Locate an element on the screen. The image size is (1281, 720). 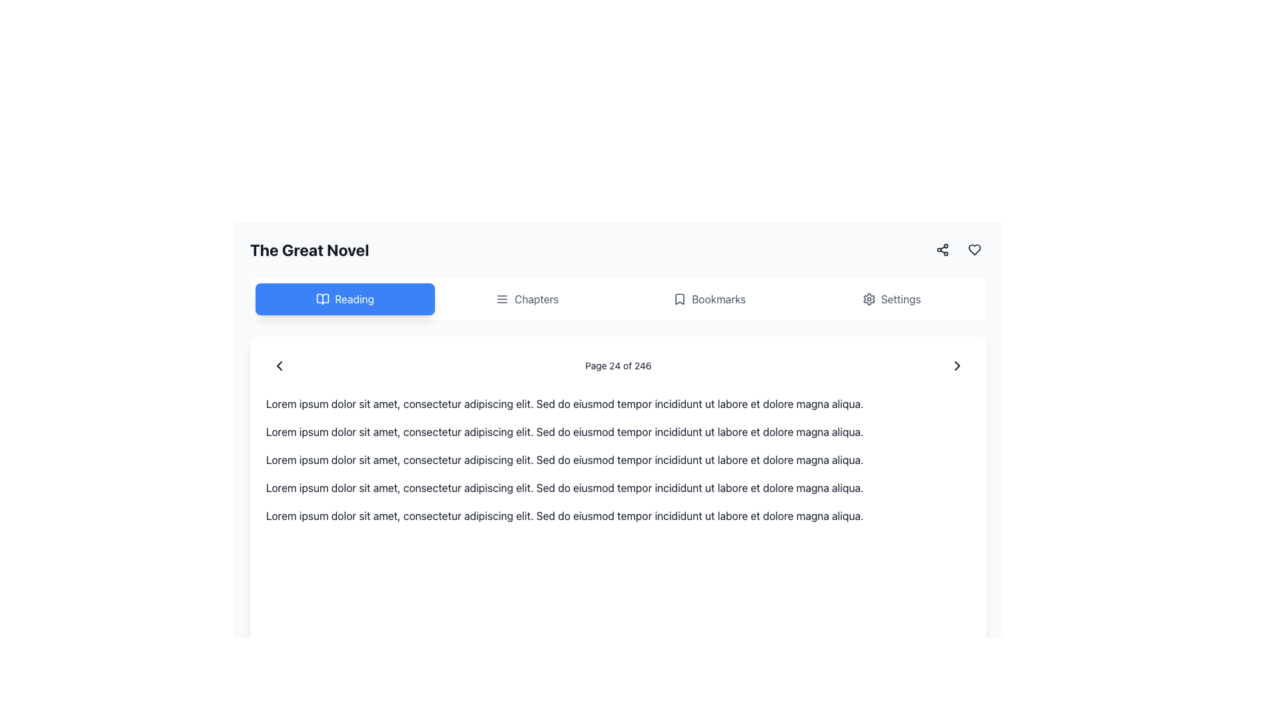
the Text Label displaying 'Page 24 of 246', which is centrally located in the bottom navigation bar between two interactive icons is located at coordinates (617, 365).